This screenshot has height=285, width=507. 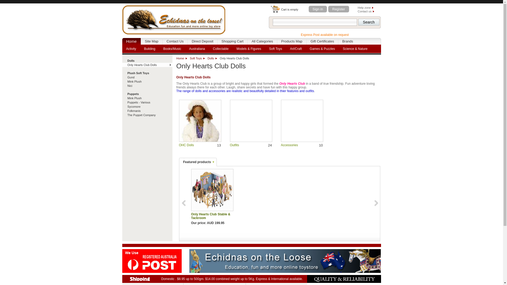 What do you see at coordinates (186, 145) in the screenshot?
I see `'OHC Dolls'` at bounding box center [186, 145].